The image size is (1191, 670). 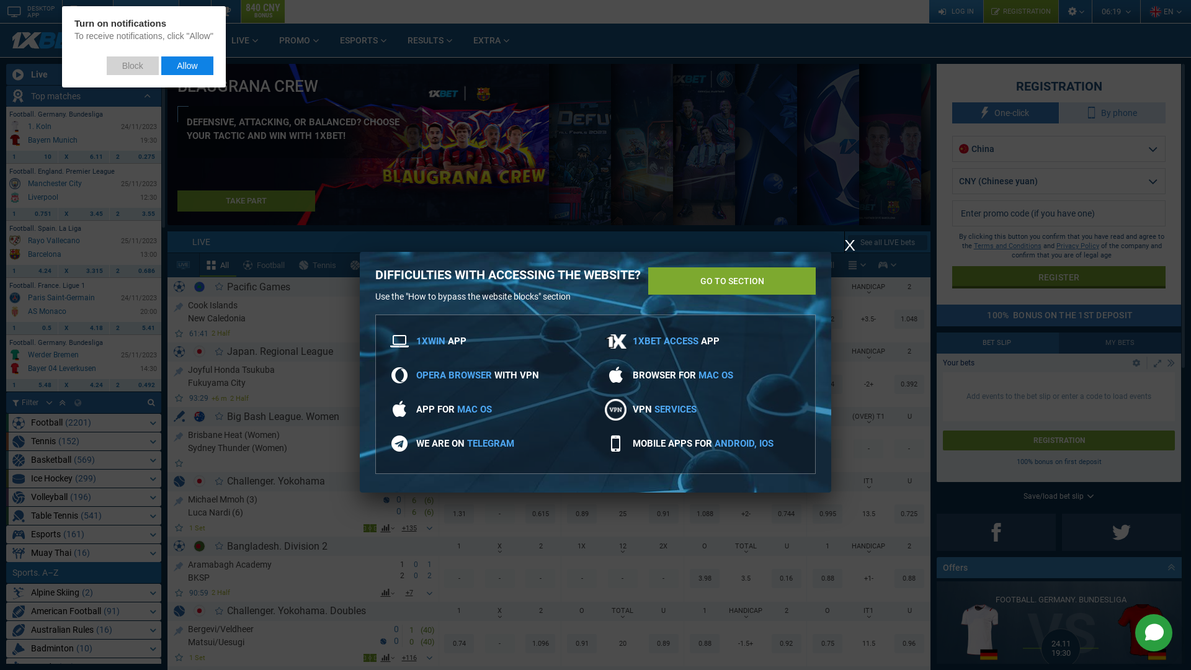 What do you see at coordinates (1113, 112) in the screenshot?
I see `'By phone'` at bounding box center [1113, 112].